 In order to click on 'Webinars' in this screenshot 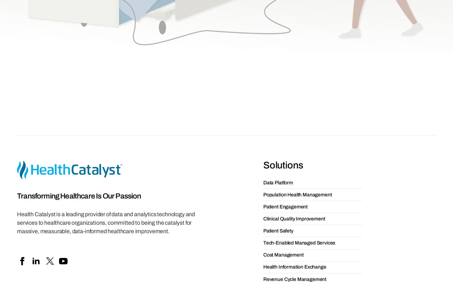, I will do `click(78, 243)`.